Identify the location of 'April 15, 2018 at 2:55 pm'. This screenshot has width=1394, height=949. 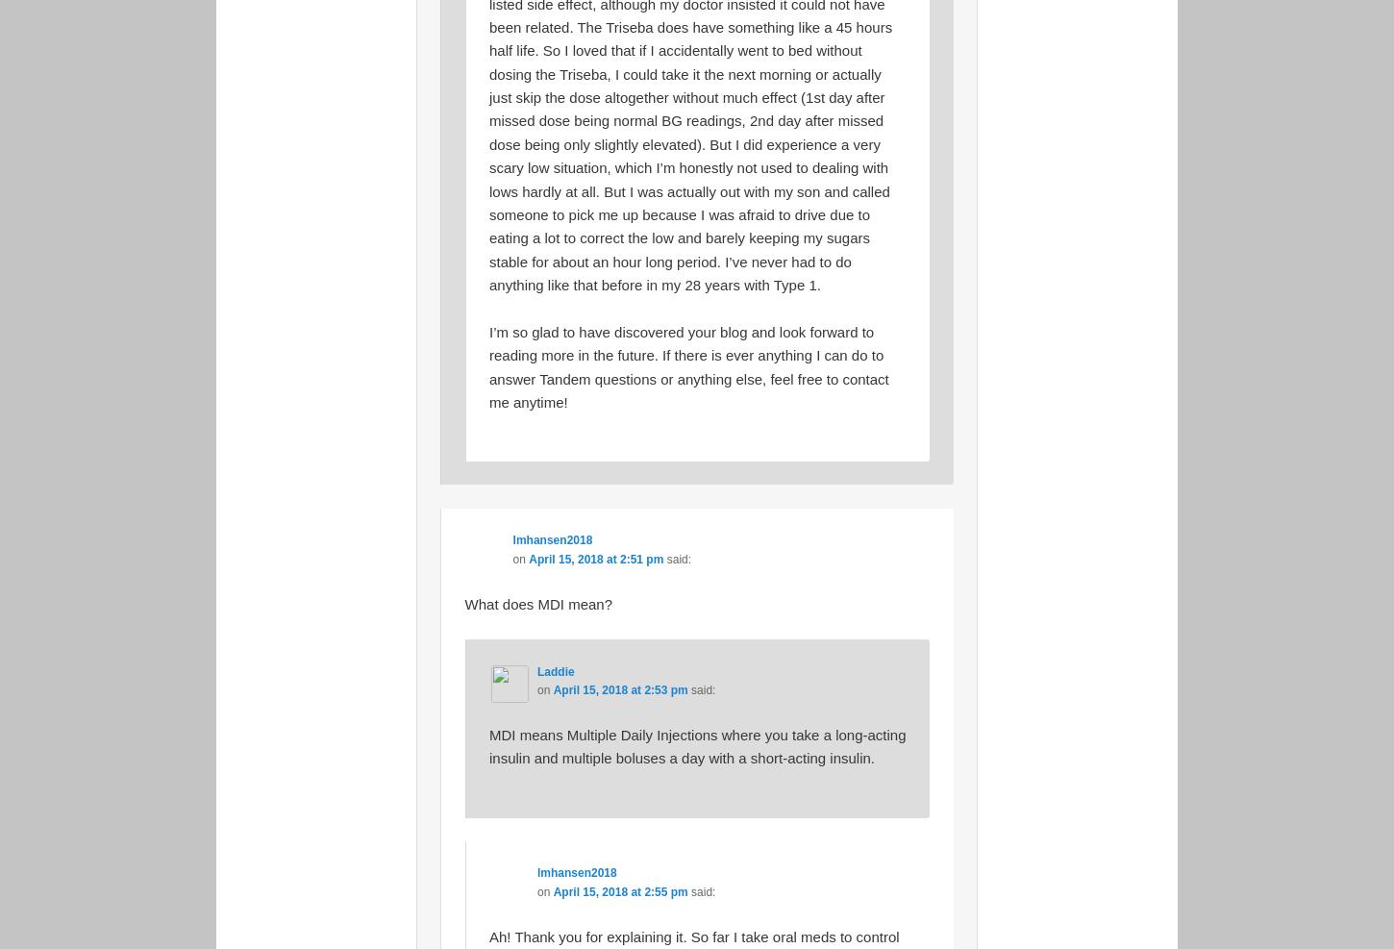
(618, 890).